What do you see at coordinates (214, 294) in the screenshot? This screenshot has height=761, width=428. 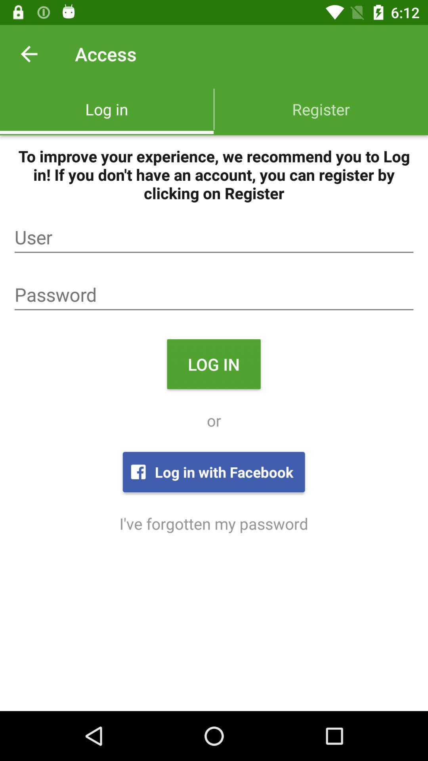 I see `password` at bounding box center [214, 294].